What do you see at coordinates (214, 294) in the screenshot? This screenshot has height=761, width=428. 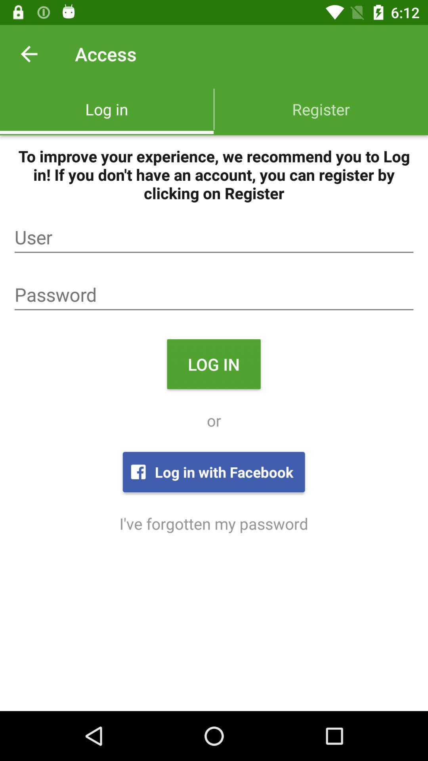 I see `password` at bounding box center [214, 294].